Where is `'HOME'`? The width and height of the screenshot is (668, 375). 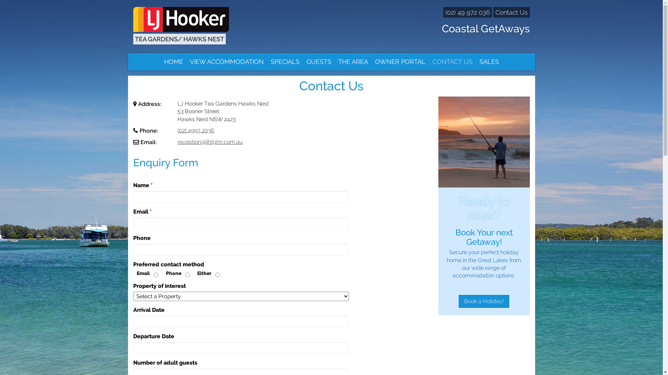
'HOME' is located at coordinates (174, 61).